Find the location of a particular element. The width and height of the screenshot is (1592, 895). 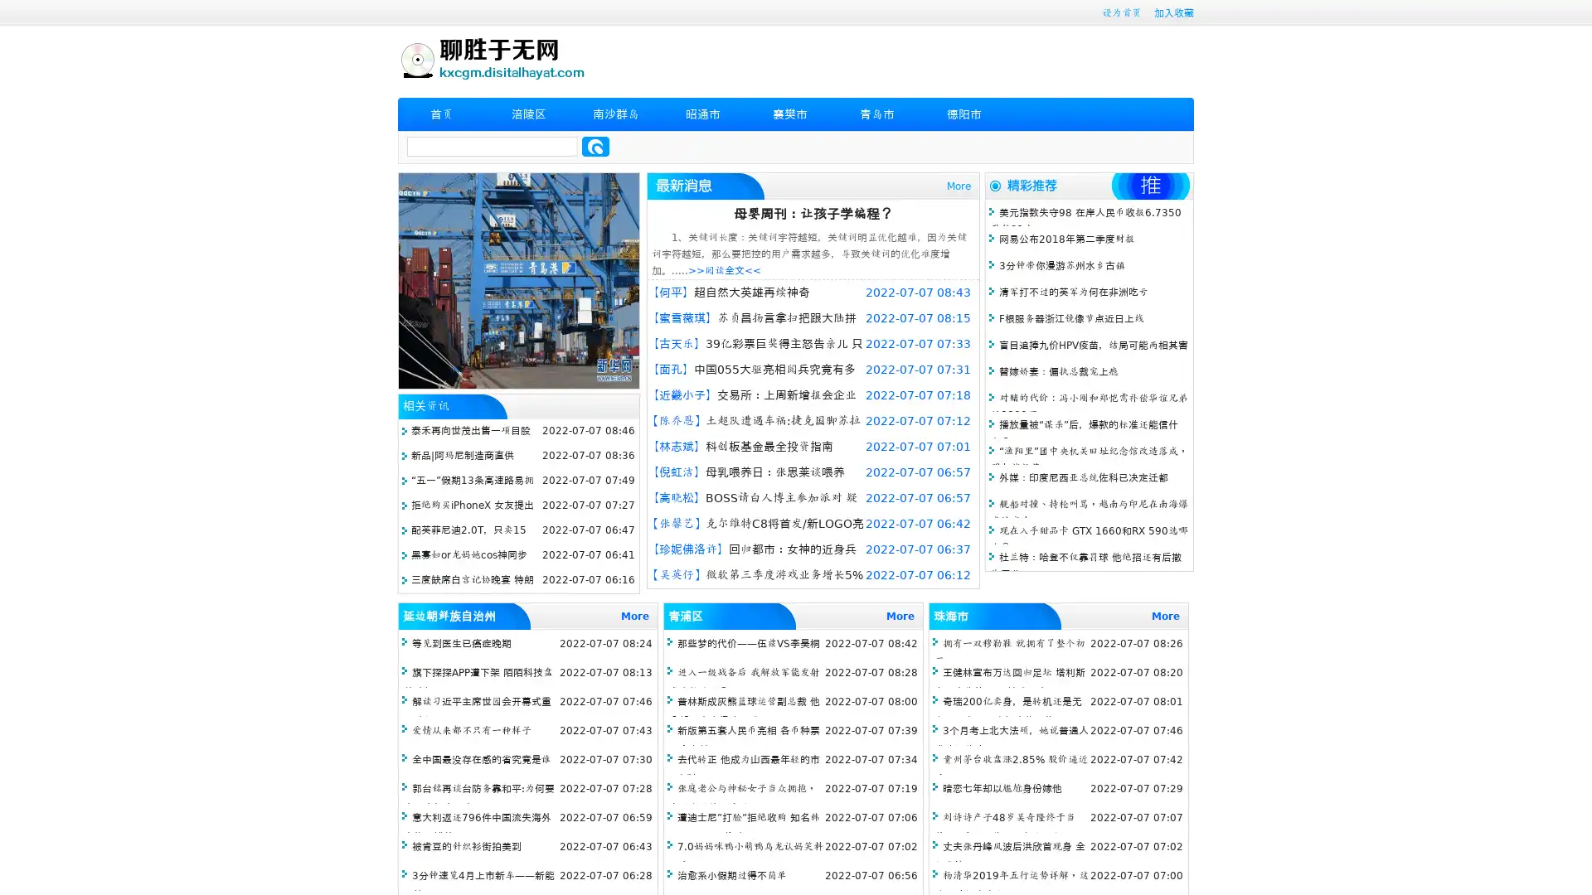

Search is located at coordinates (595, 146).